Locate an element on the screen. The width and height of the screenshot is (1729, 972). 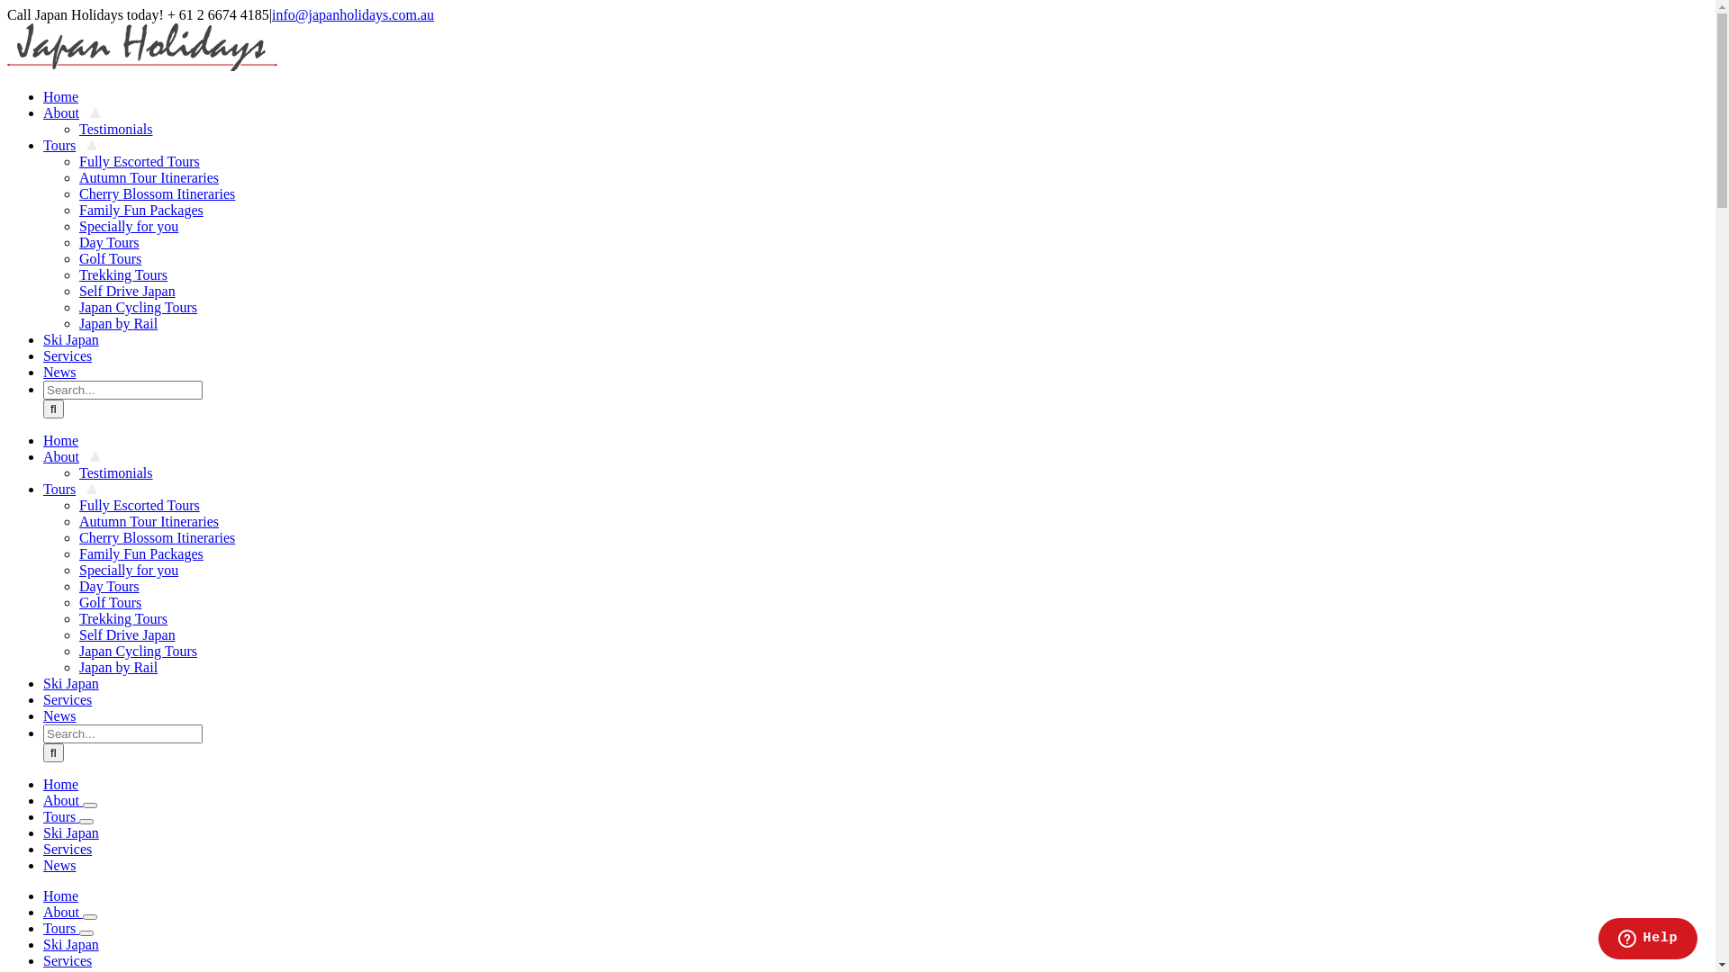
'Self Drive Japan' is located at coordinates (126, 634).